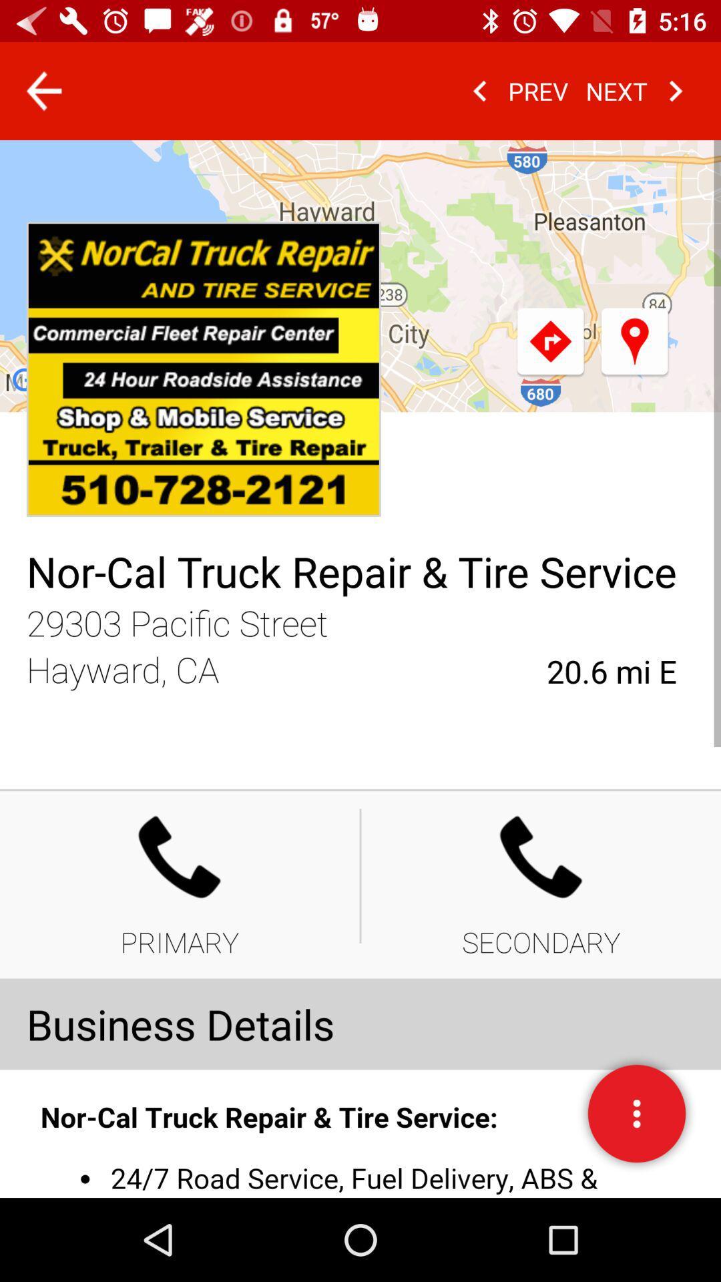 Image resolution: width=721 pixels, height=1282 pixels. Describe the element at coordinates (634, 341) in the screenshot. I see `the location icon` at that location.